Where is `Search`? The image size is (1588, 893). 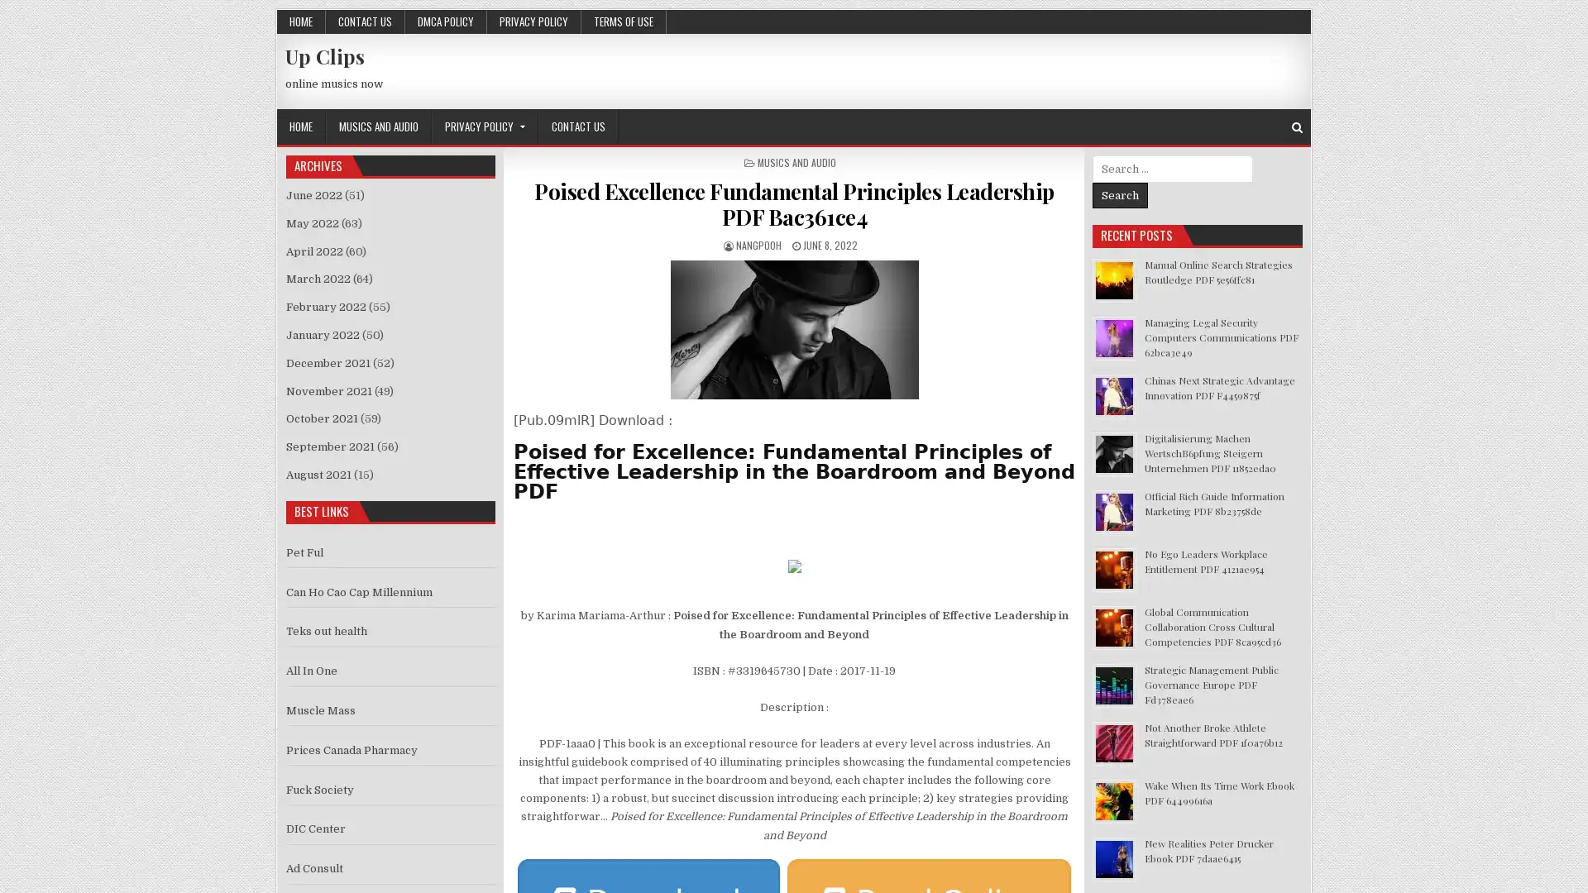
Search is located at coordinates (1120, 194).